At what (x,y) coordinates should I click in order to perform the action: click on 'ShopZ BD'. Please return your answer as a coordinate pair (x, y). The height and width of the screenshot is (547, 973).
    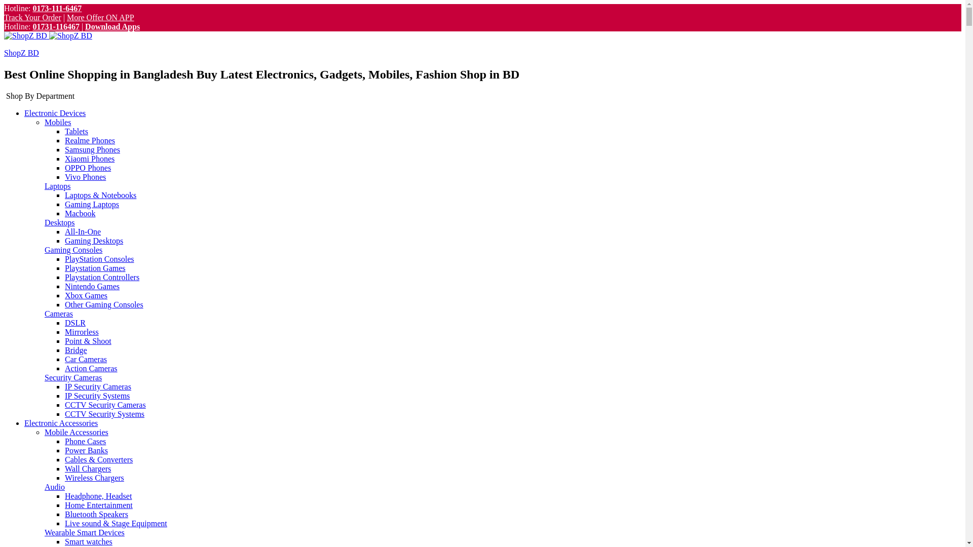
    Looking at the image, I should click on (21, 53).